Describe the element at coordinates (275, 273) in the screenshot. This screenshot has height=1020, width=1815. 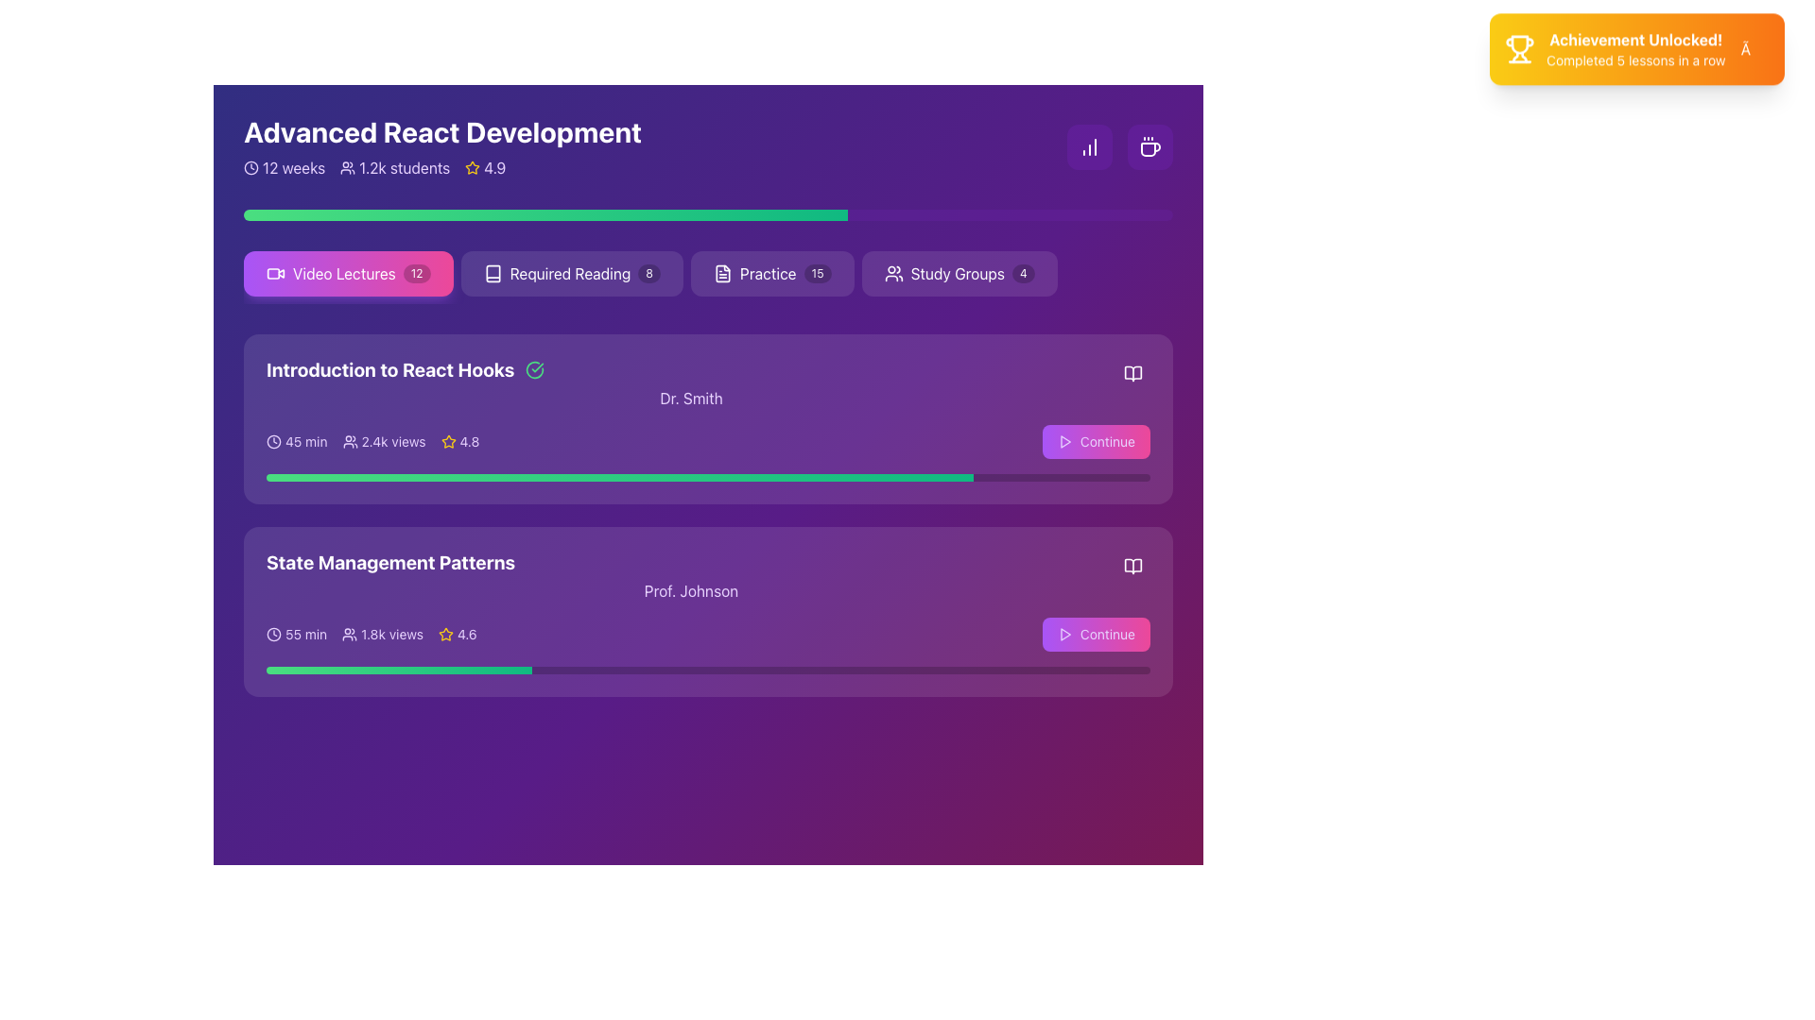
I see `the video camera icon located within the 'Video Lectures' button, which has a gradient from purple to pink and a numeric badge displaying '12'` at that location.